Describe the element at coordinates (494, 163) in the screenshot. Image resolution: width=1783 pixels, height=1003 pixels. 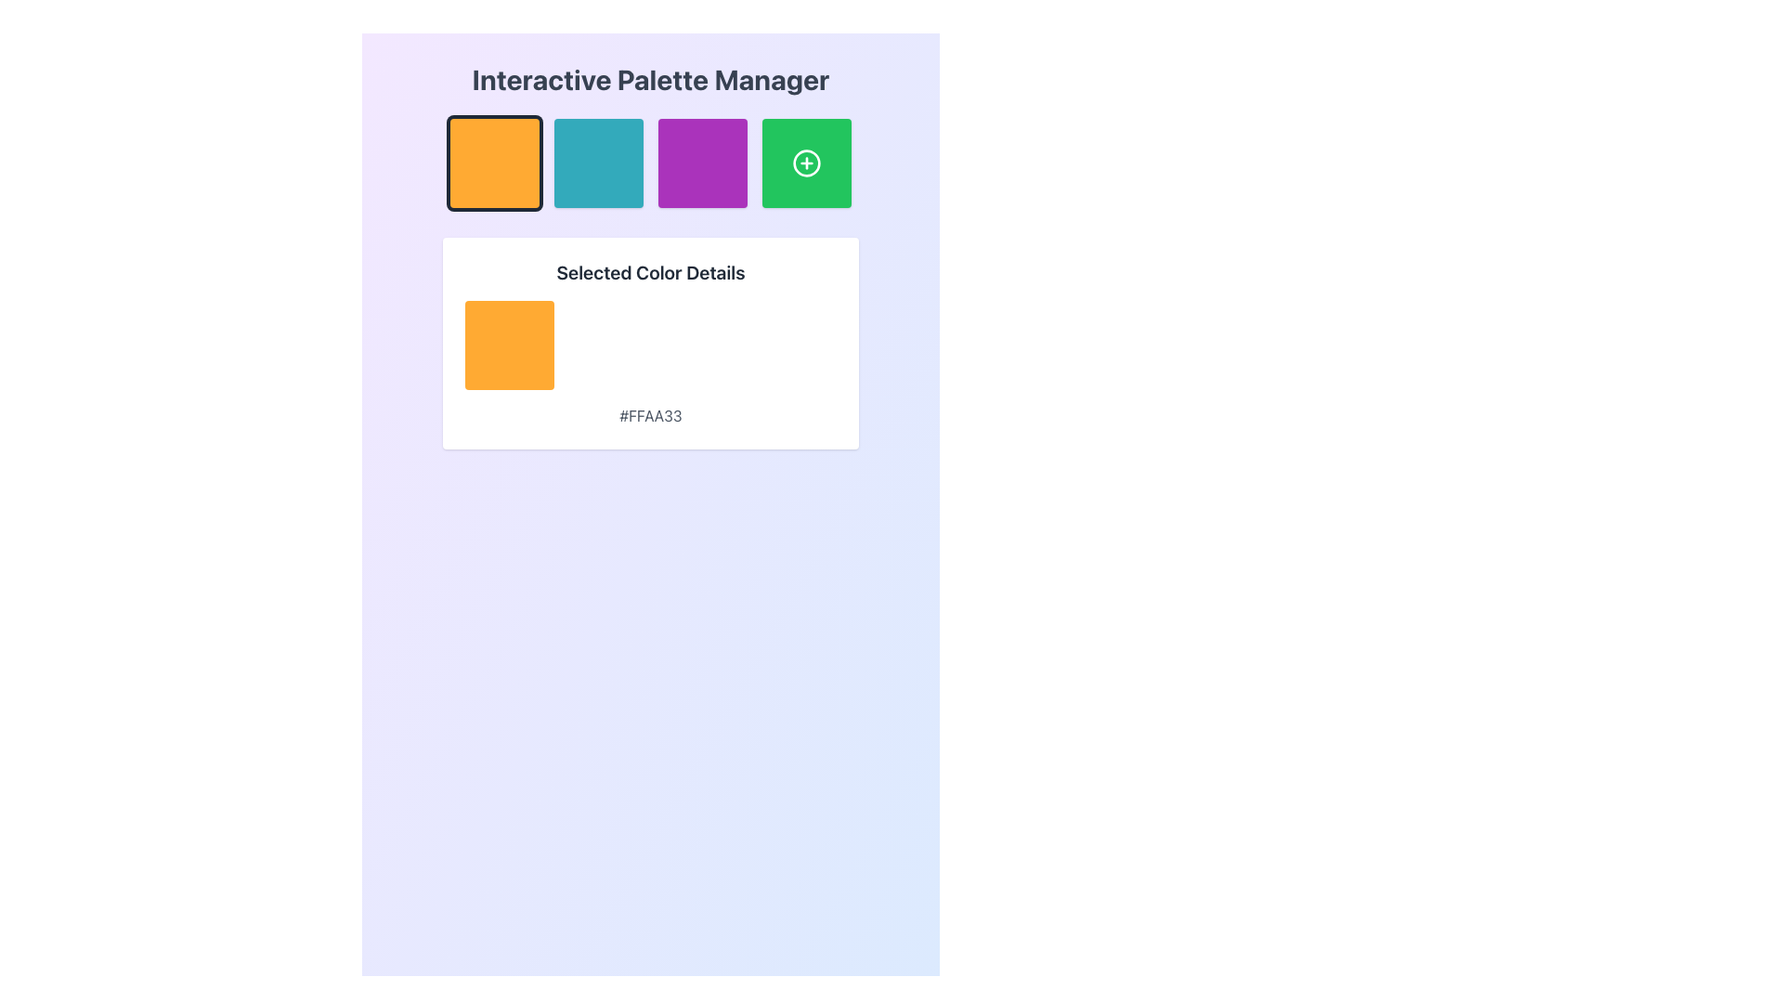
I see `the first item in the color palette grid, located at the top-left corner` at that location.